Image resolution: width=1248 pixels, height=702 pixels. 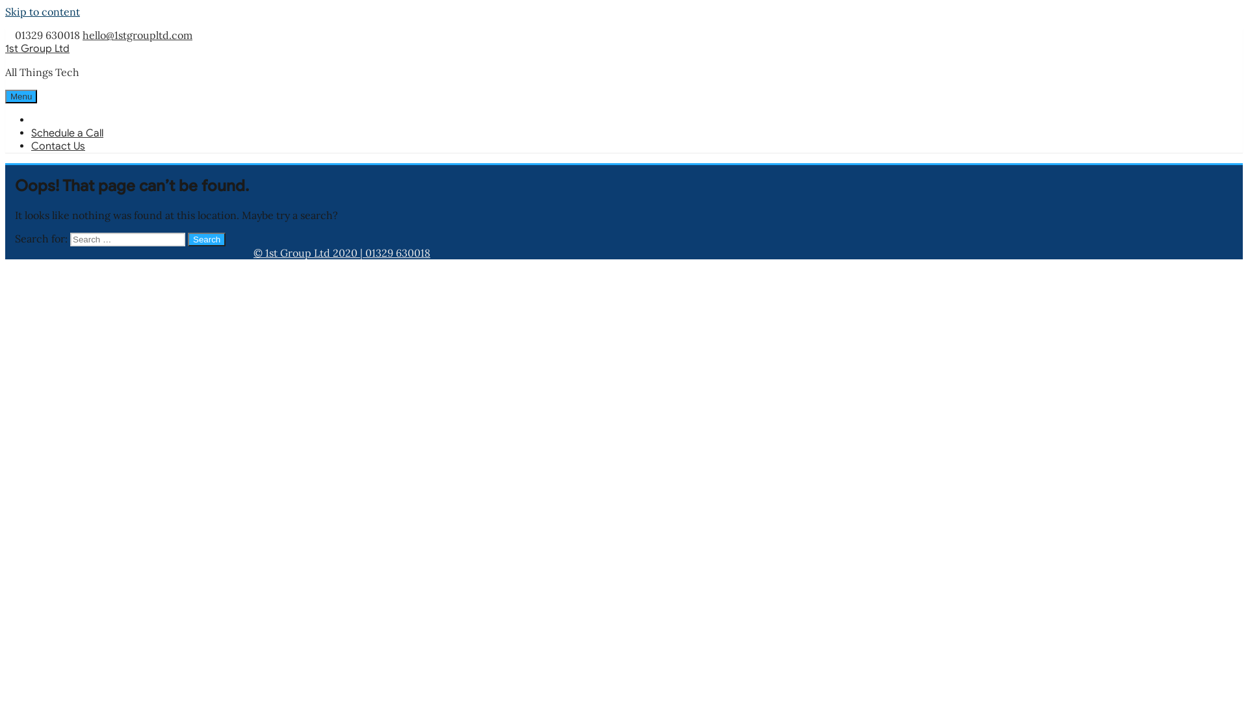 I want to click on 'Menu', so click(x=21, y=96).